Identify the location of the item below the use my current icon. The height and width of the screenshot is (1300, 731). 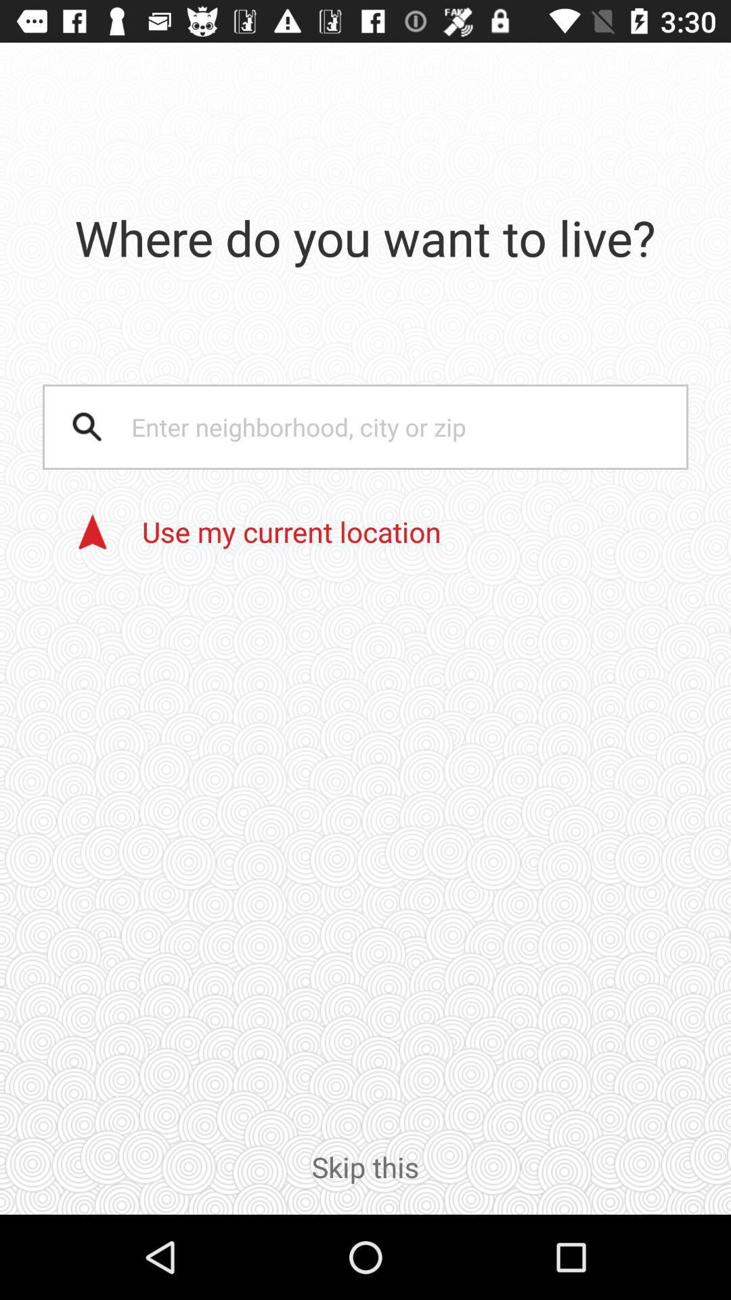
(365, 1180).